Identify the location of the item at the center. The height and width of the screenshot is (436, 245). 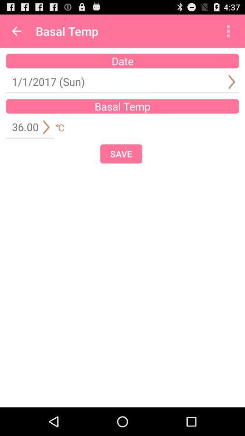
(121, 154).